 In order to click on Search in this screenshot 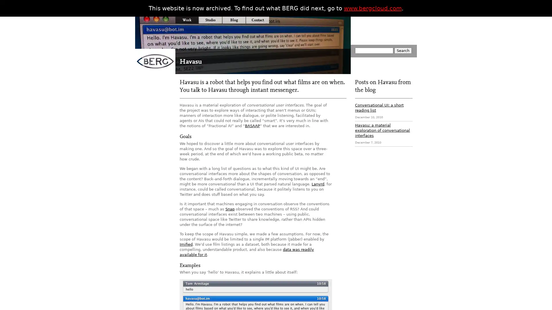, I will do `click(402, 50)`.